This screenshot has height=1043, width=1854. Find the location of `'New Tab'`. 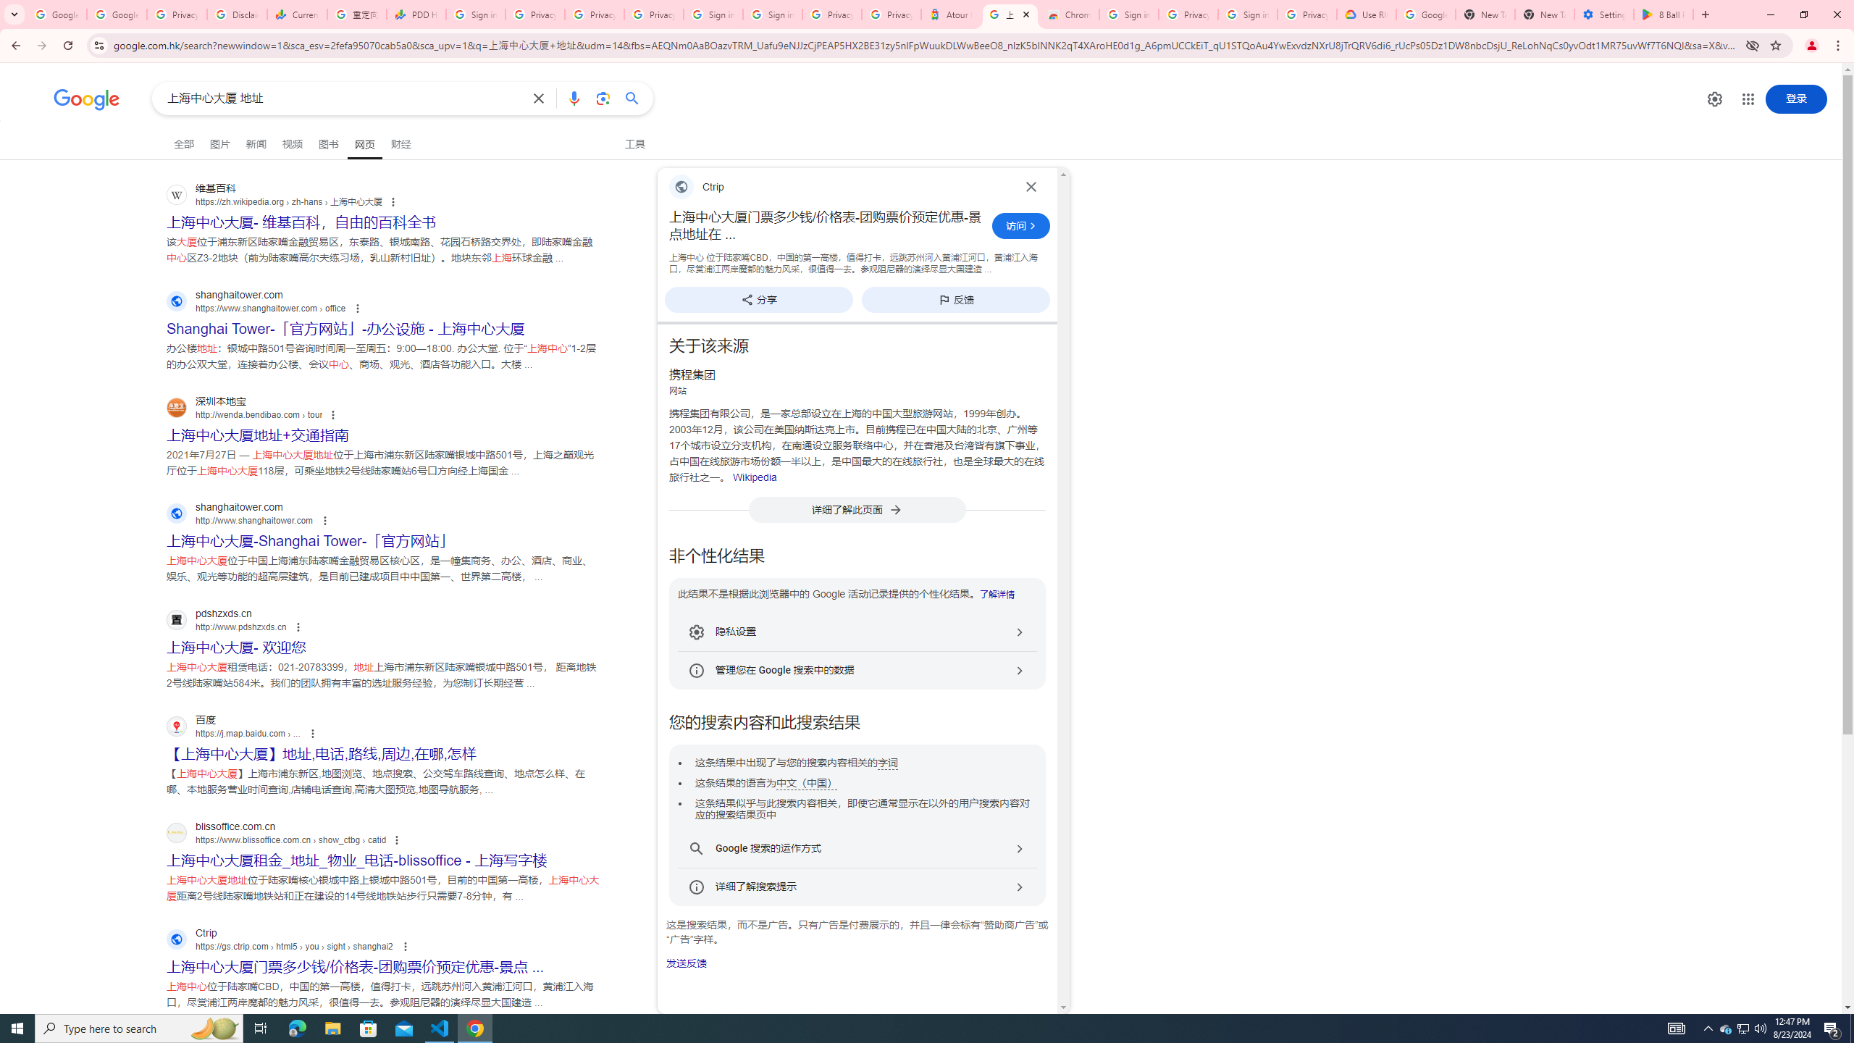

'New Tab' is located at coordinates (1544, 14).